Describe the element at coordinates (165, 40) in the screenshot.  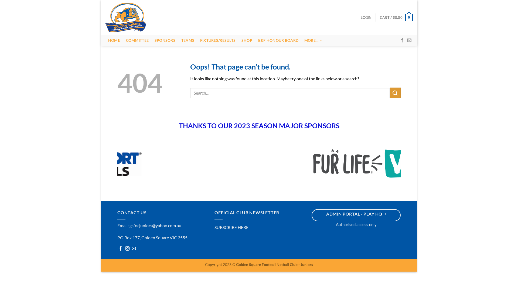
I see `'SPONSORS'` at that location.